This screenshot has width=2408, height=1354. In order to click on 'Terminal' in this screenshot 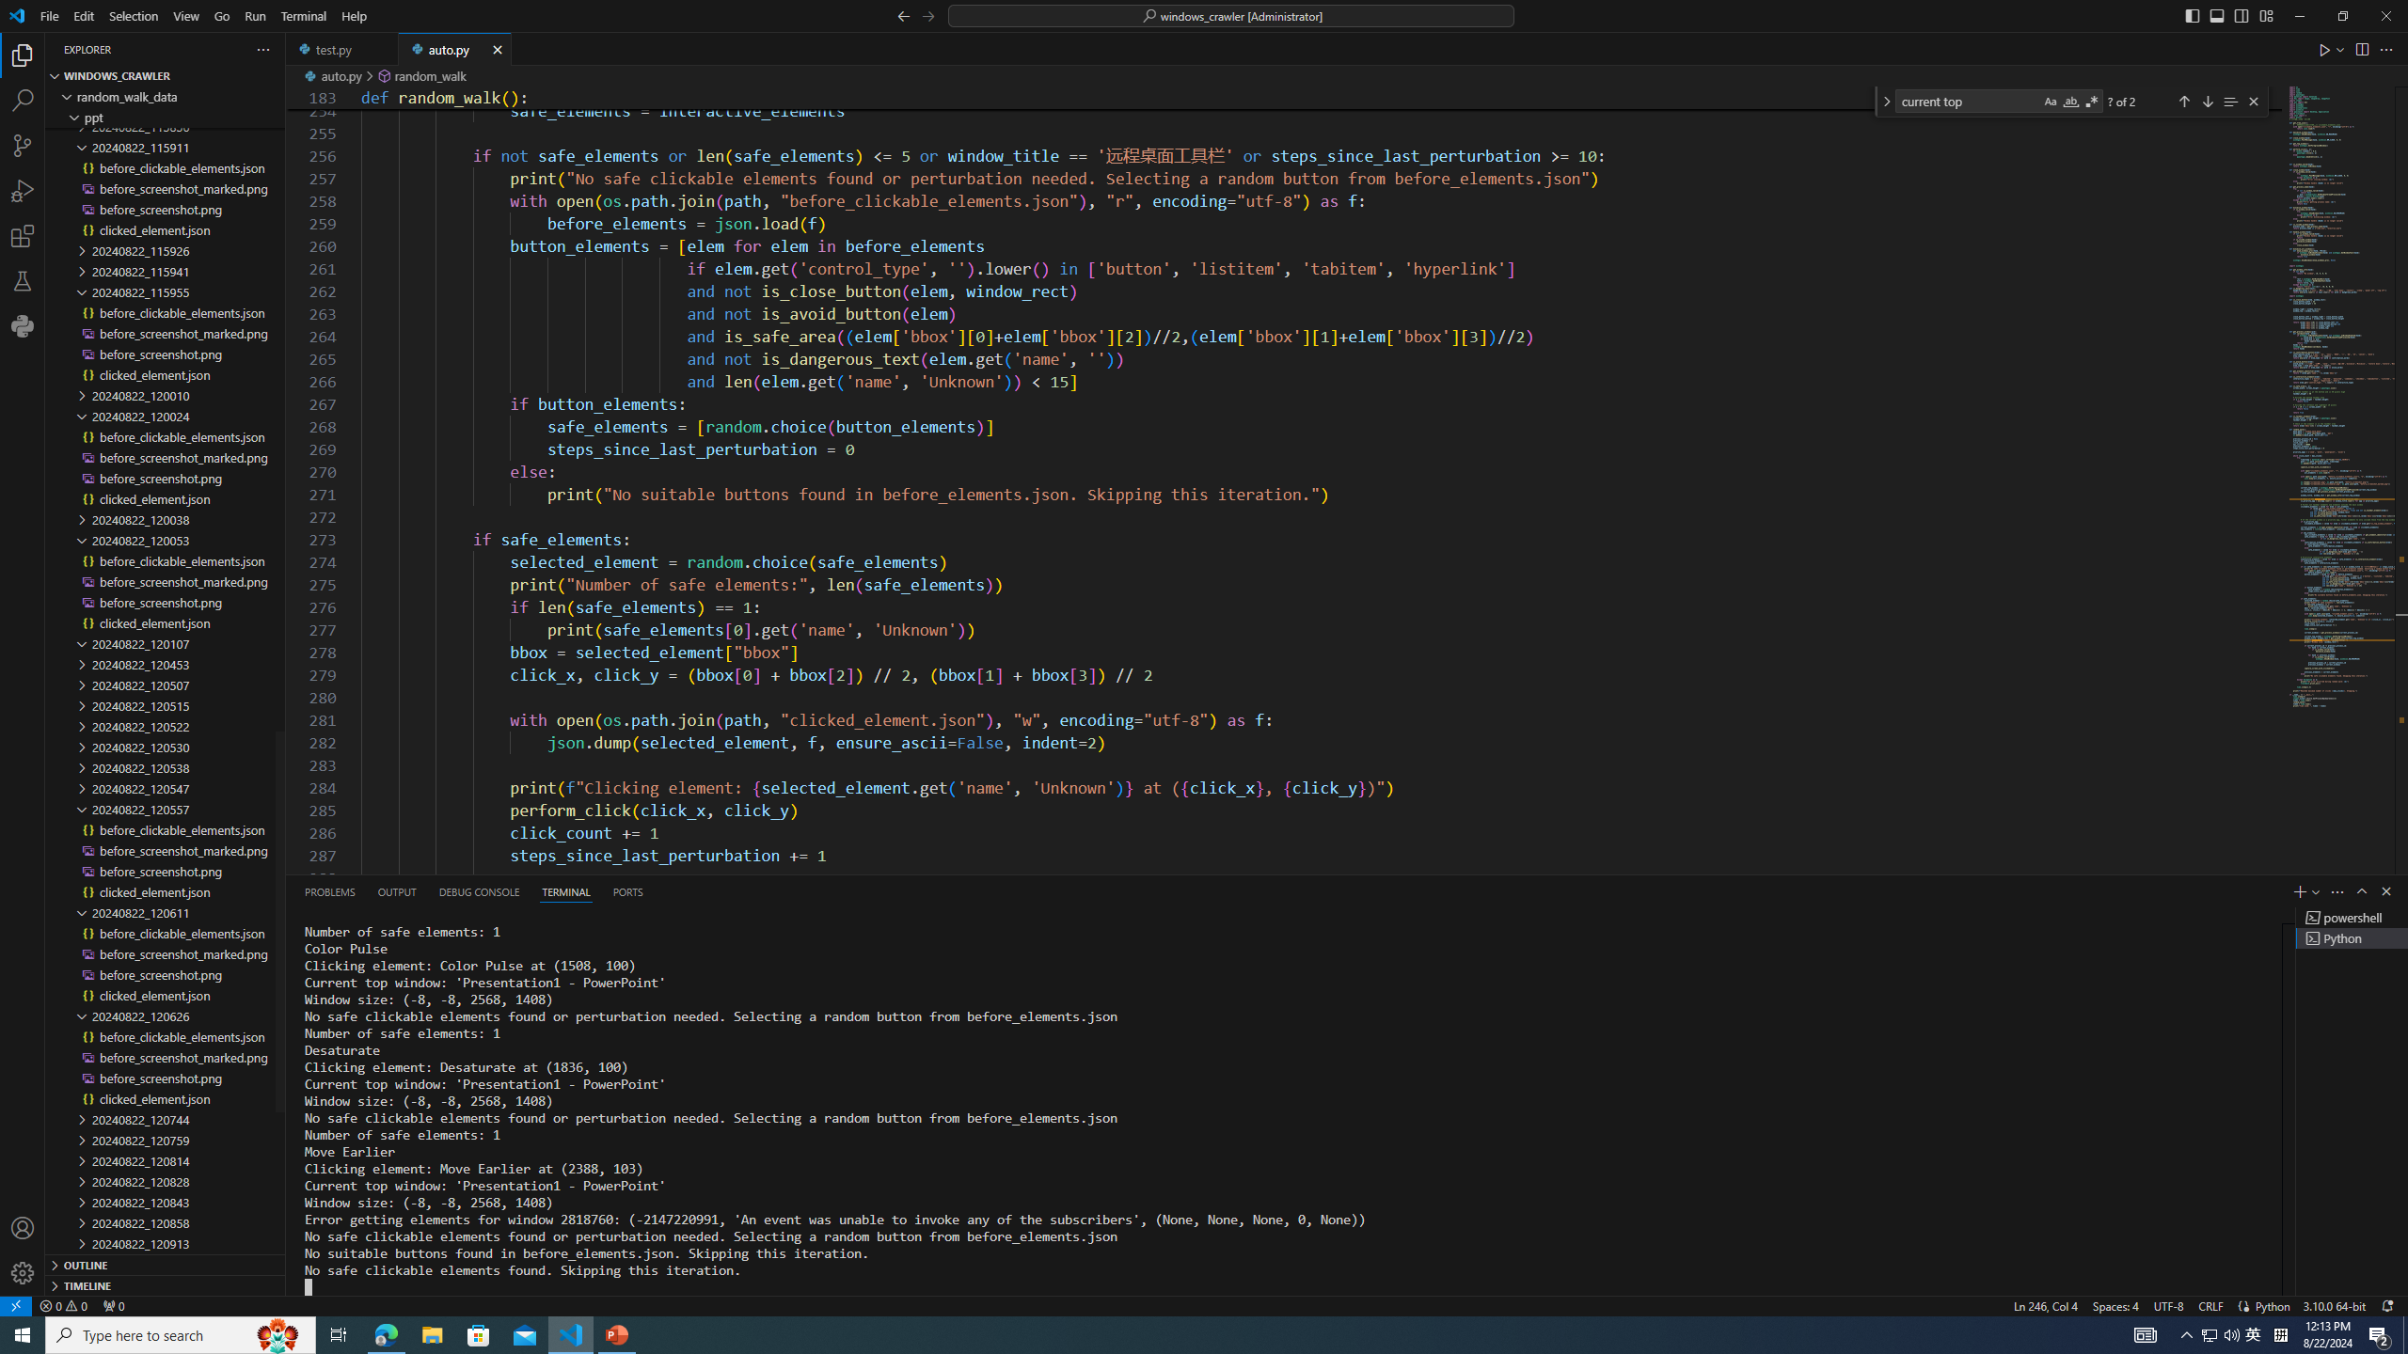, I will do `click(303, 15)`.